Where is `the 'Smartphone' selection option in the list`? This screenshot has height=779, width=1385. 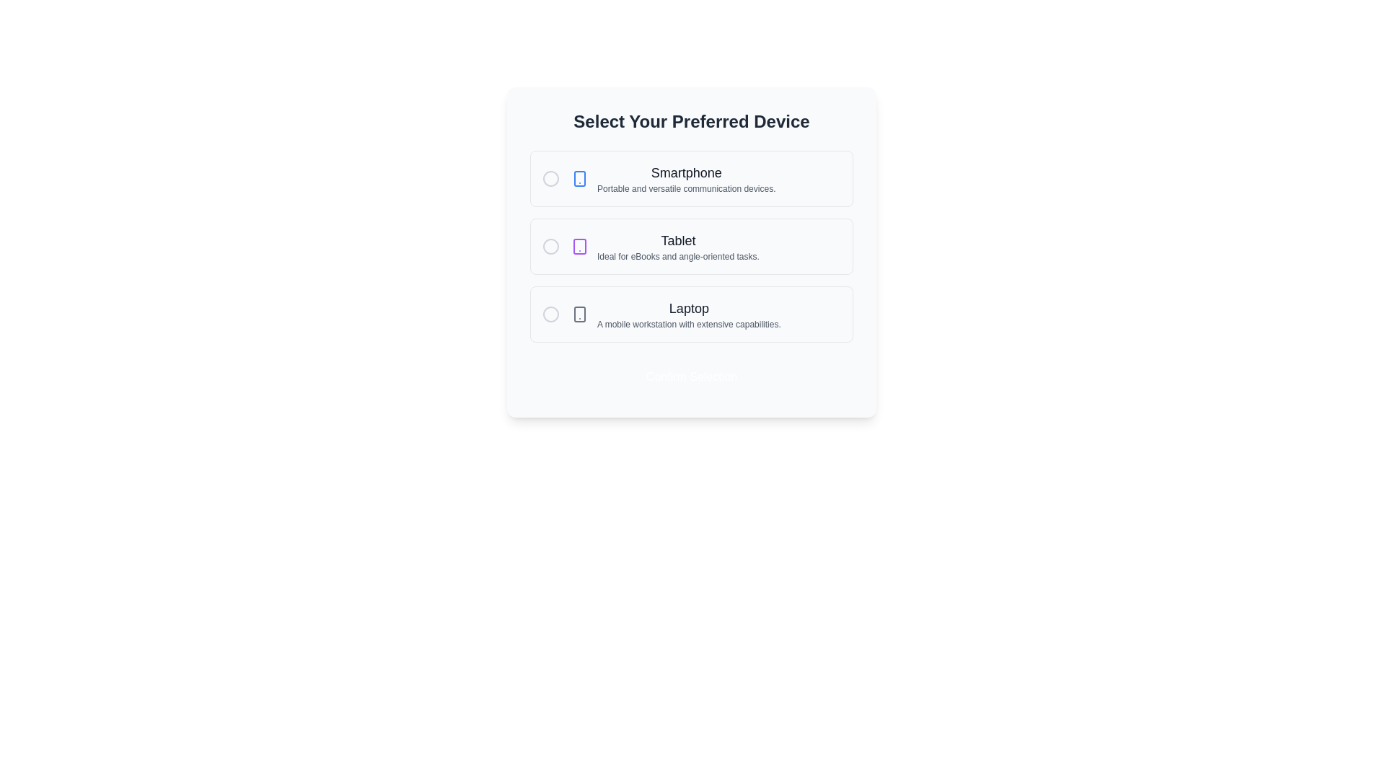
the 'Smartphone' selection option in the list is located at coordinates (672, 177).